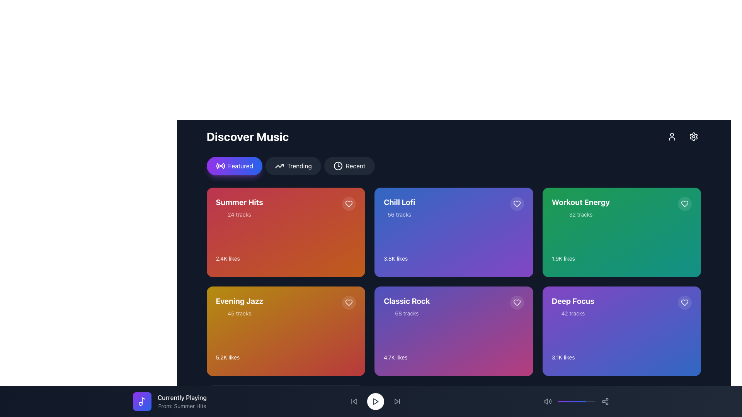 This screenshot has height=417, width=742. I want to click on the play icon, which is a triangular shape with its apex pointing to the right, located at the bottom-center of the interface, so click(376, 401).